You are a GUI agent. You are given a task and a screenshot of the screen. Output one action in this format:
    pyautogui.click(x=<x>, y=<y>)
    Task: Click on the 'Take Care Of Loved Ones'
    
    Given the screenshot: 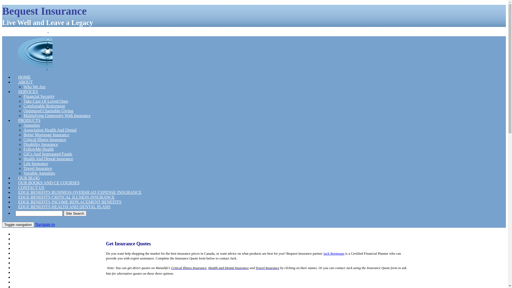 What is the action you would take?
    pyautogui.click(x=23, y=101)
    